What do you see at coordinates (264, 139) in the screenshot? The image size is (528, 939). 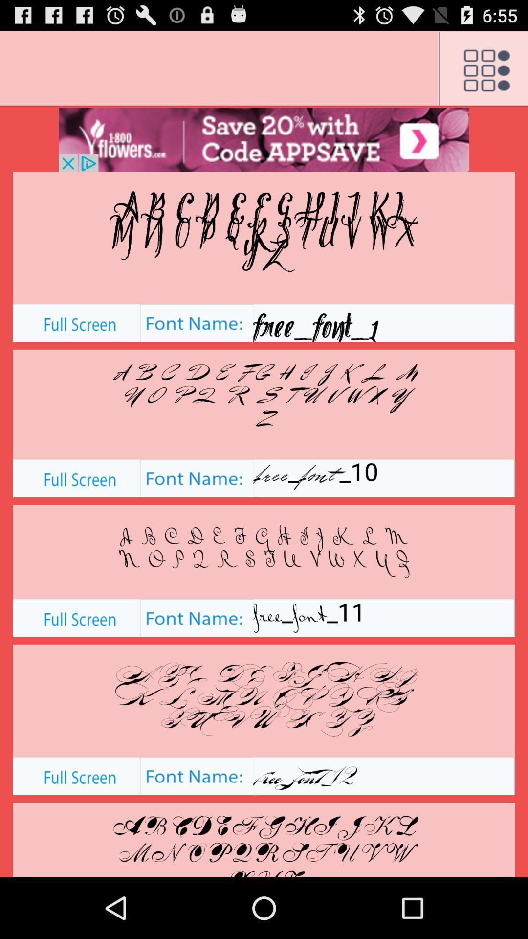 I see `advertisement` at bounding box center [264, 139].